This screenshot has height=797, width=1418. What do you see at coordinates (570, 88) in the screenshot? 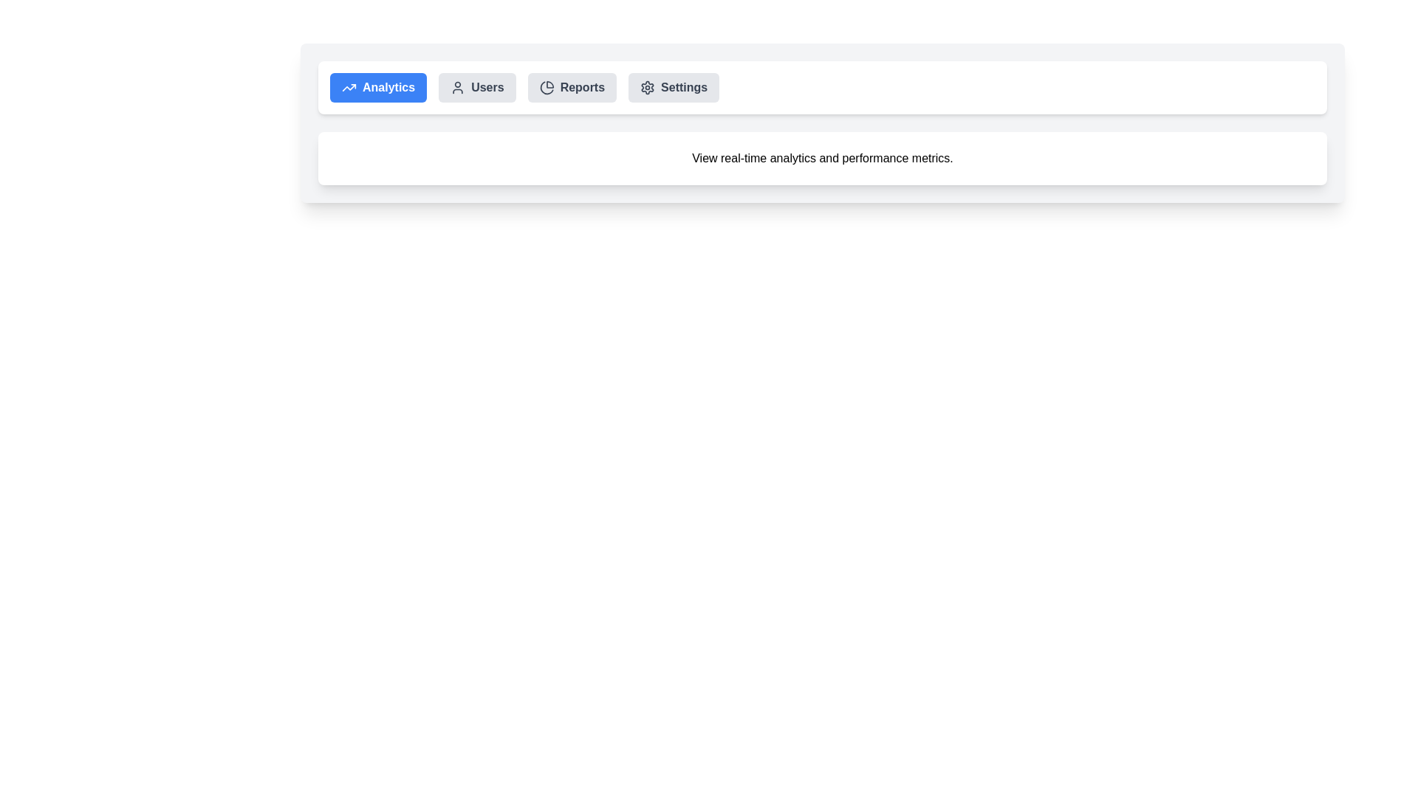
I see `the Reports tab by clicking on it` at bounding box center [570, 88].